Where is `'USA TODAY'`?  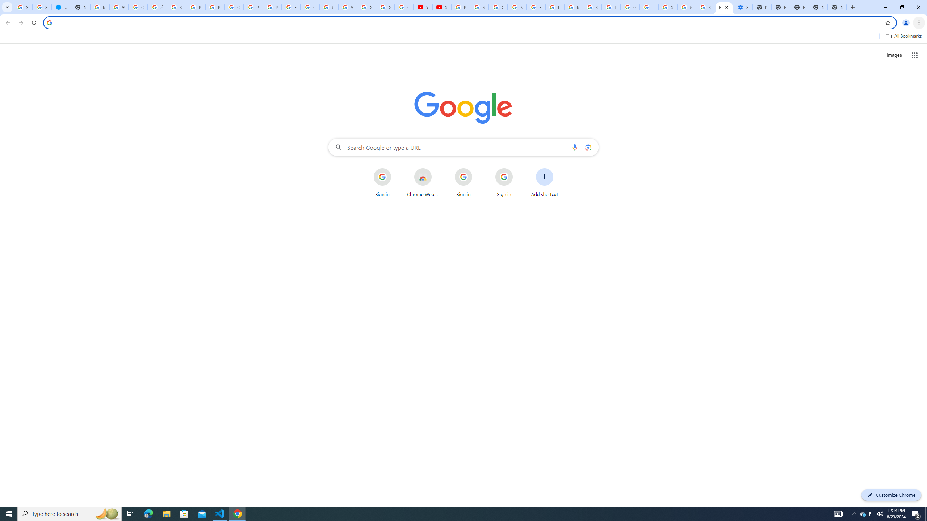 'USA TODAY' is located at coordinates (60, 7).